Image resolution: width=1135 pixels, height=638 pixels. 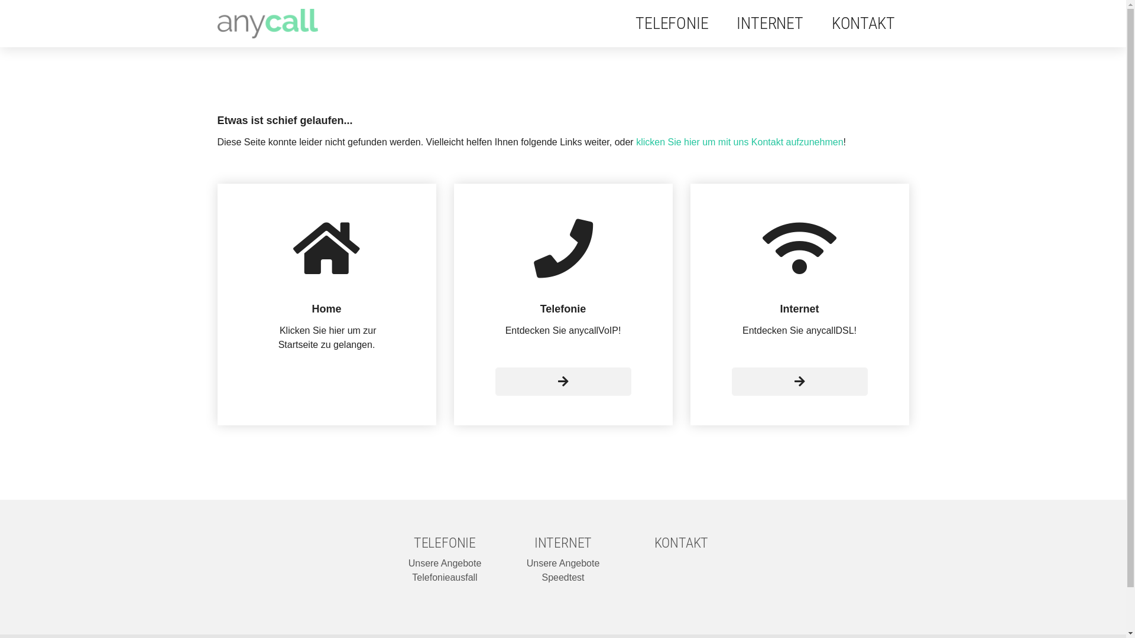 I want to click on 'INTERNET', so click(x=562, y=542).